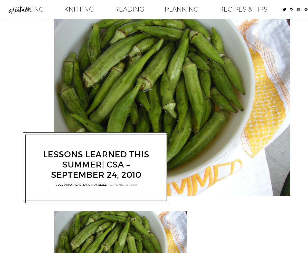 The width and height of the screenshot is (308, 253). What do you see at coordinates (159, 7) in the screenshot?
I see `'knitting'` at bounding box center [159, 7].